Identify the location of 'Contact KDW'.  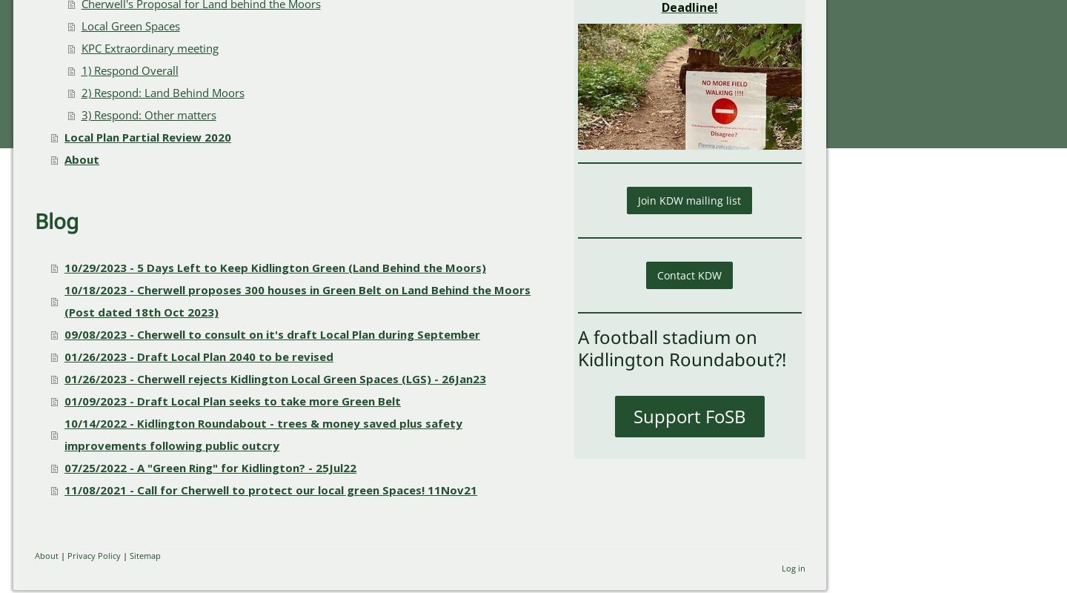
(657, 274).